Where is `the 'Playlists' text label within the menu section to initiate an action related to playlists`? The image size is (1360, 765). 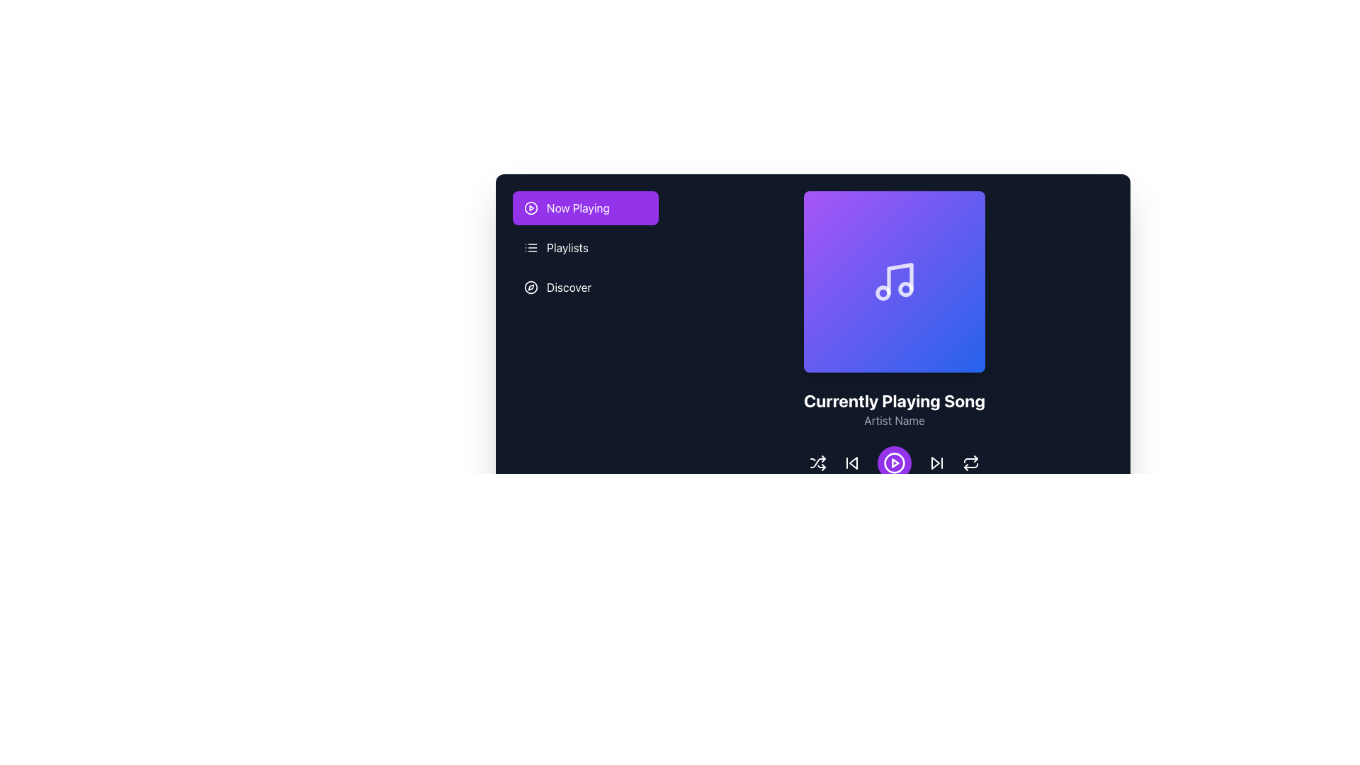 the 'Playlists' text label within the menu section to initiate an action related to playlists is located at coordinates (567, 247).